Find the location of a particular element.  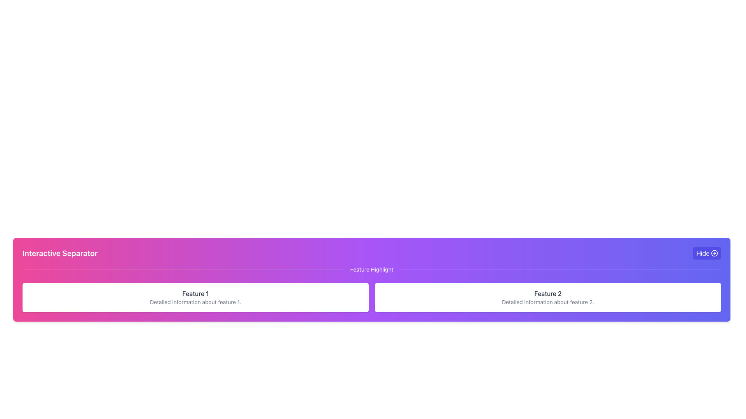

the decorative circle within the right-facing arrow icon located at the far right of the header bar labeled 'Interactive Separator' is located at coordinates (714, 253).